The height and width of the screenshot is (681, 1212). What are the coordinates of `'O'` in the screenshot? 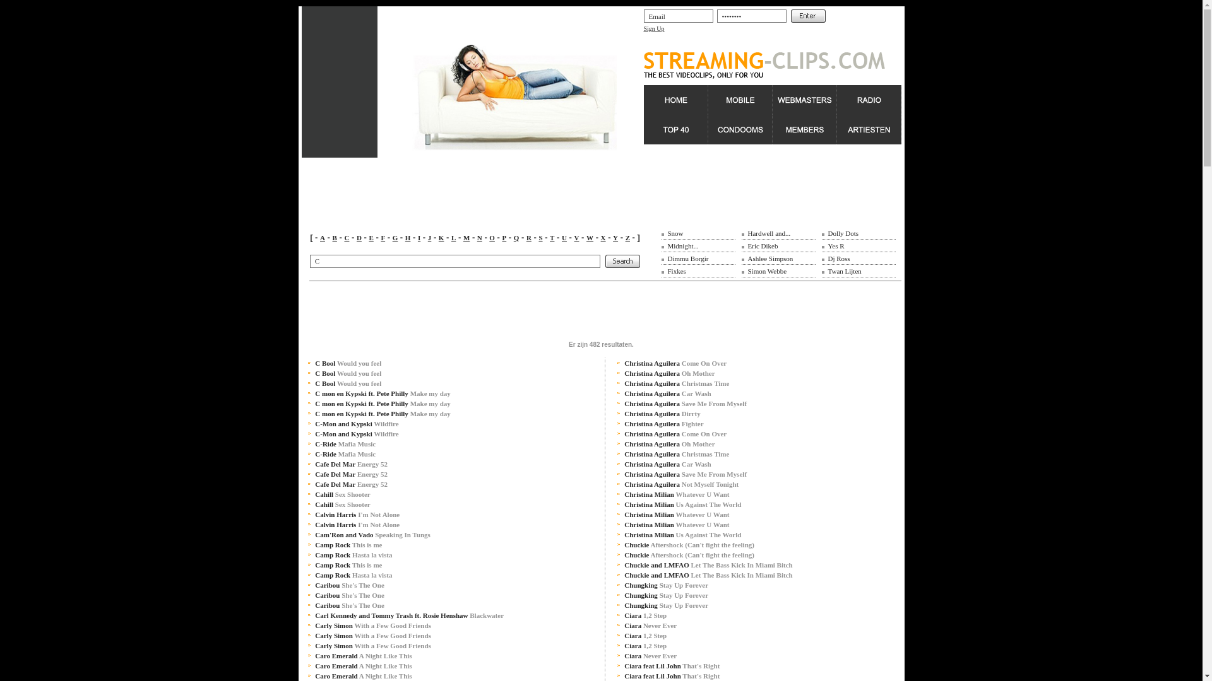 It's located at (491, 238).